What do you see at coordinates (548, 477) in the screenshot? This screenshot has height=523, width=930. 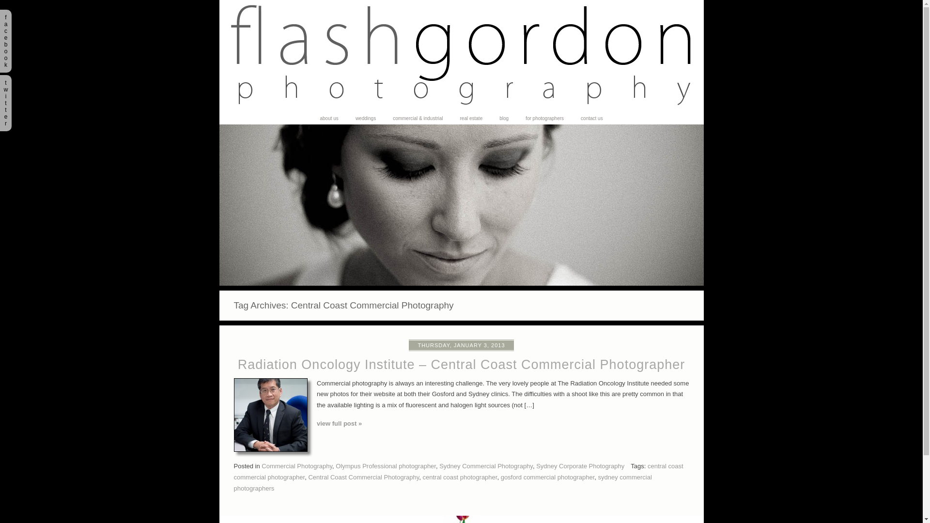 I see `'gosford commercial photographer'` at bounding box center [548, 477].